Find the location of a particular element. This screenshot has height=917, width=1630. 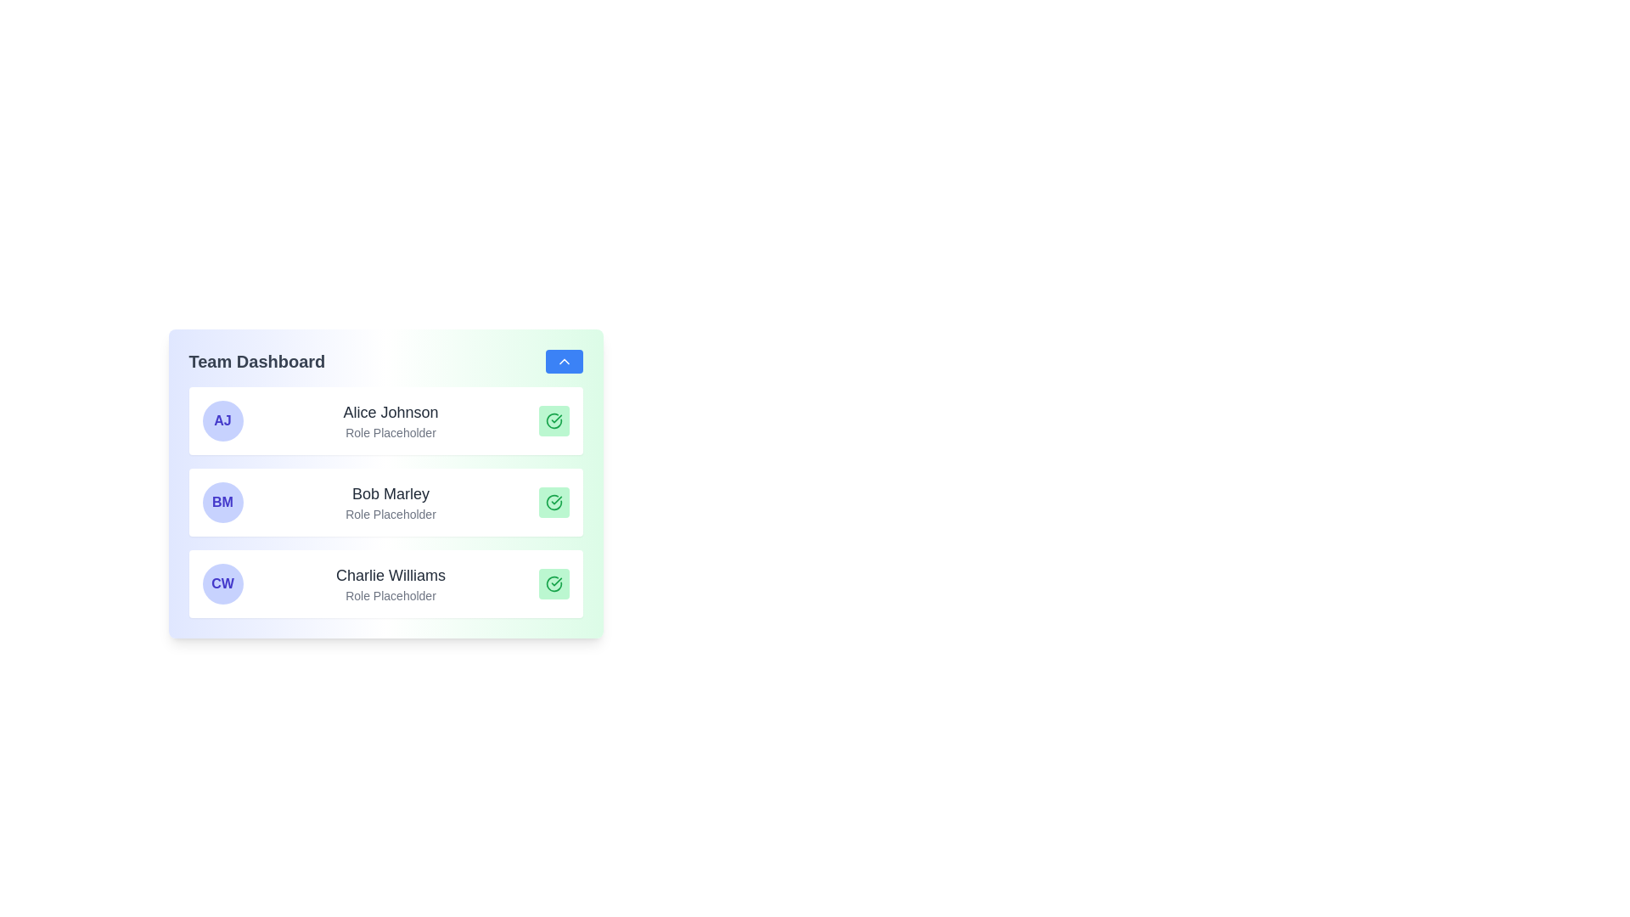

the profile icon representing the user 'Bob Marley', which is located in the second position of a list and aligned to the left of the name 'Bob Marley' is located at coordinates (222, 501).